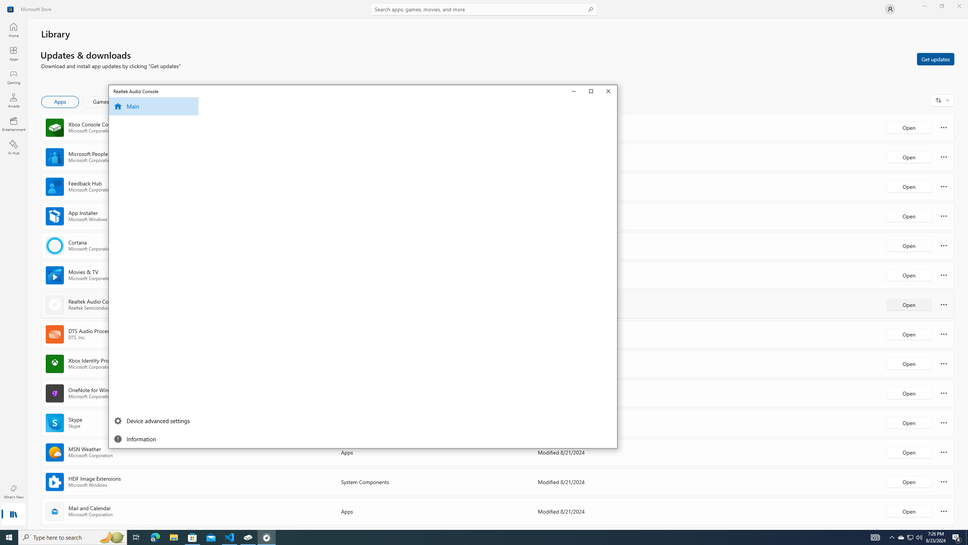  What do you see at coordinates (111, 537) in the screenshot?
I see `'Search highlights icon opens search home window'` at bounding box center [111, 537].